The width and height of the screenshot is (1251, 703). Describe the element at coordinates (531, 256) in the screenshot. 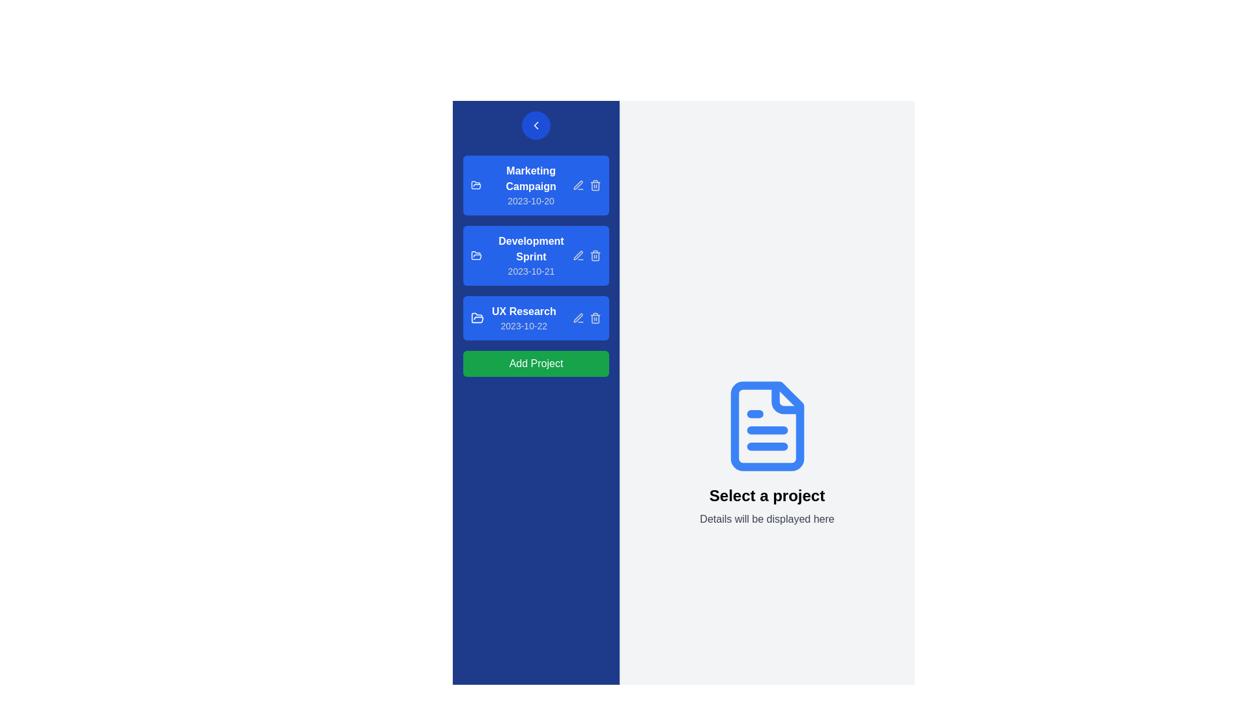

I see `the label representing the project named 'Development Sprint', which is positioned as the second entry in the vertical list of project tiles in the left-hand sidebar` at that location.